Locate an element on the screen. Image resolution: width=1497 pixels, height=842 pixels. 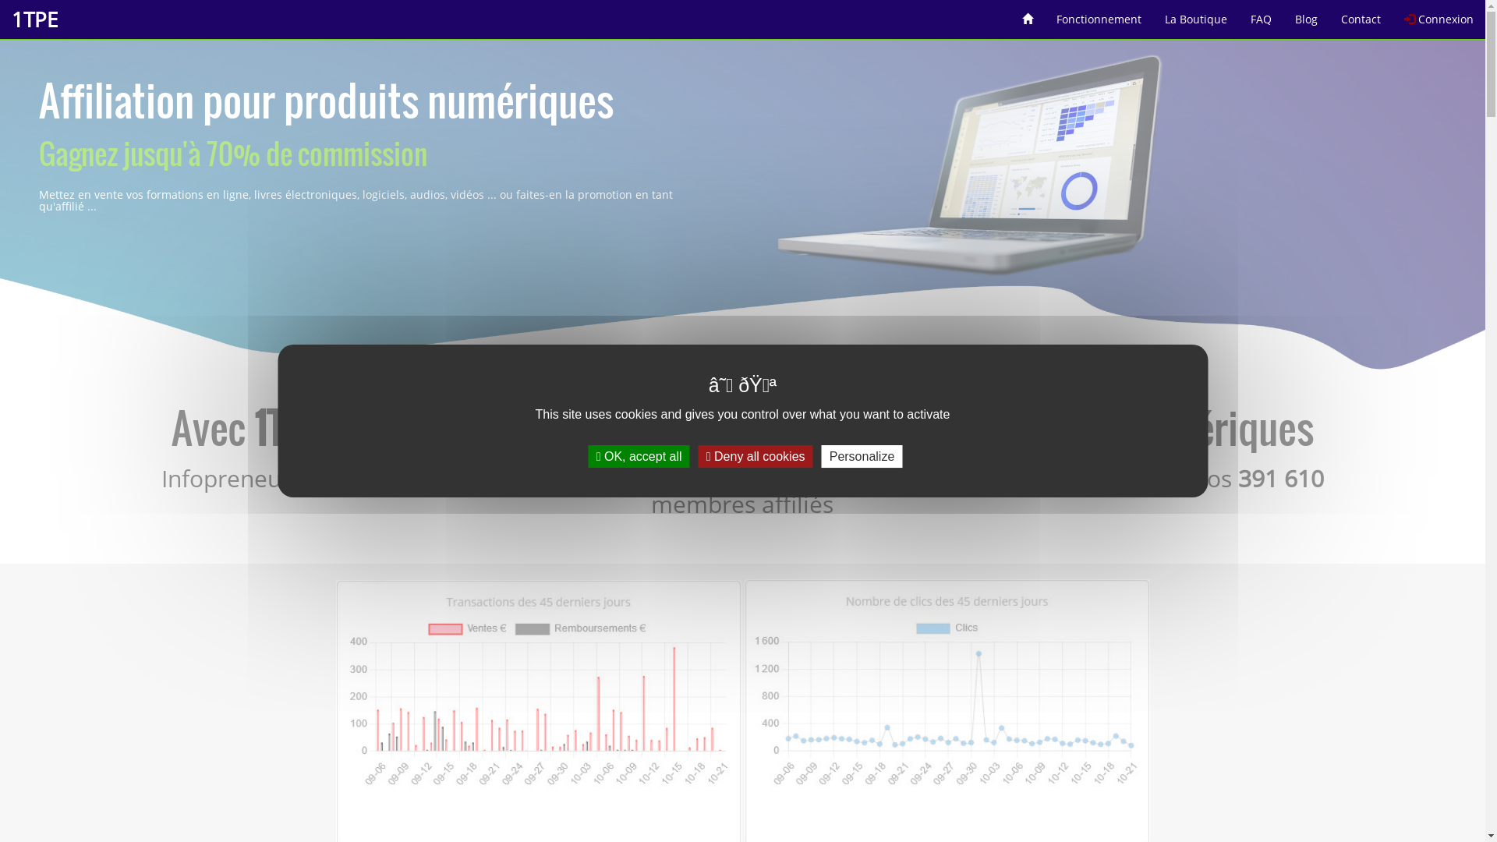
'Personalize' is located at coordinates (861, 456).